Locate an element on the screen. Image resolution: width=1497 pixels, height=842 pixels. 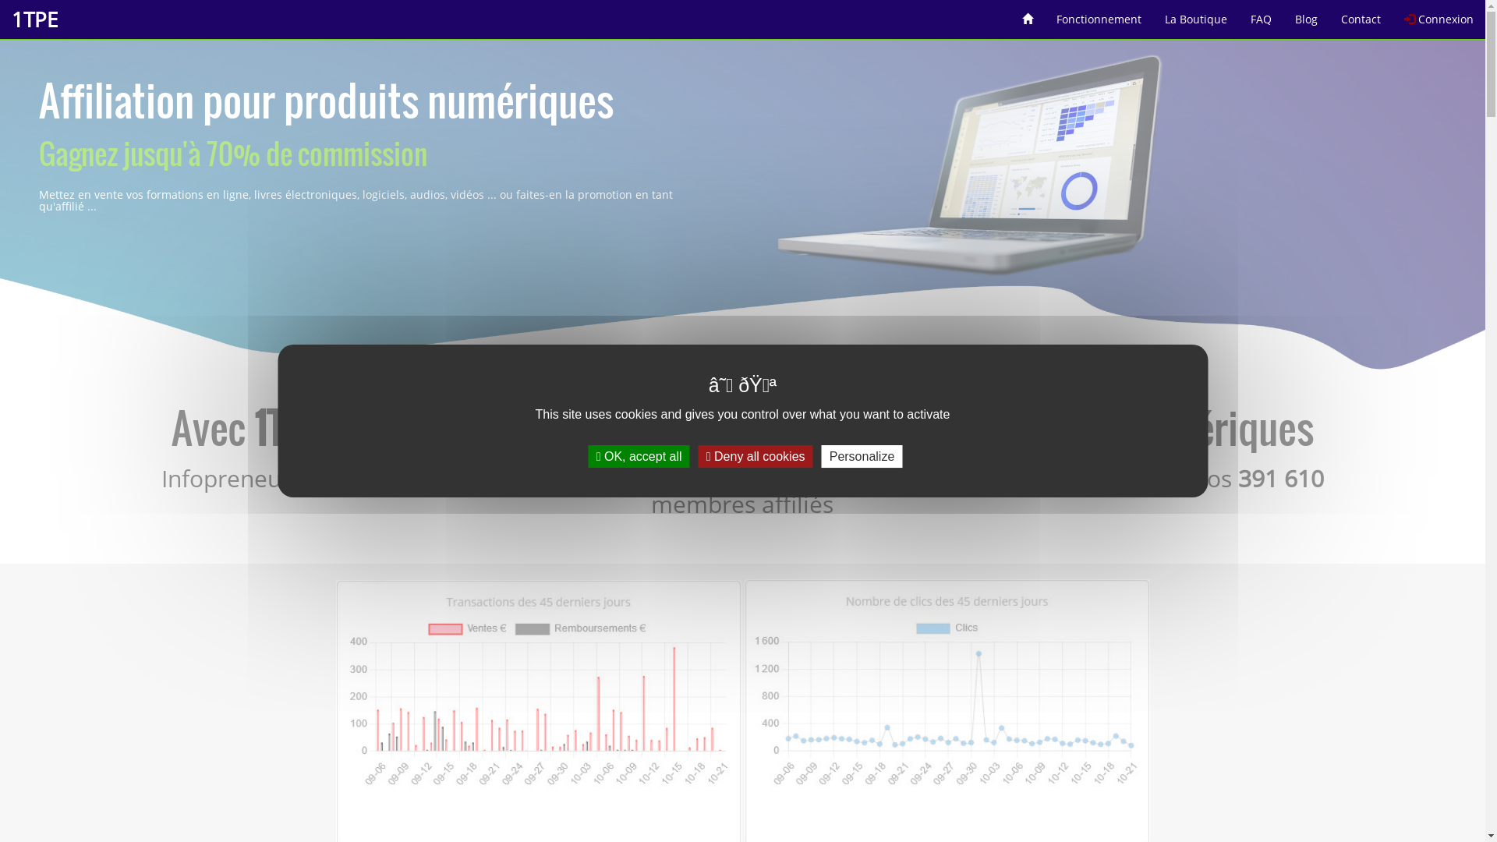
'Personalize' is located at coordinates (861, 456).